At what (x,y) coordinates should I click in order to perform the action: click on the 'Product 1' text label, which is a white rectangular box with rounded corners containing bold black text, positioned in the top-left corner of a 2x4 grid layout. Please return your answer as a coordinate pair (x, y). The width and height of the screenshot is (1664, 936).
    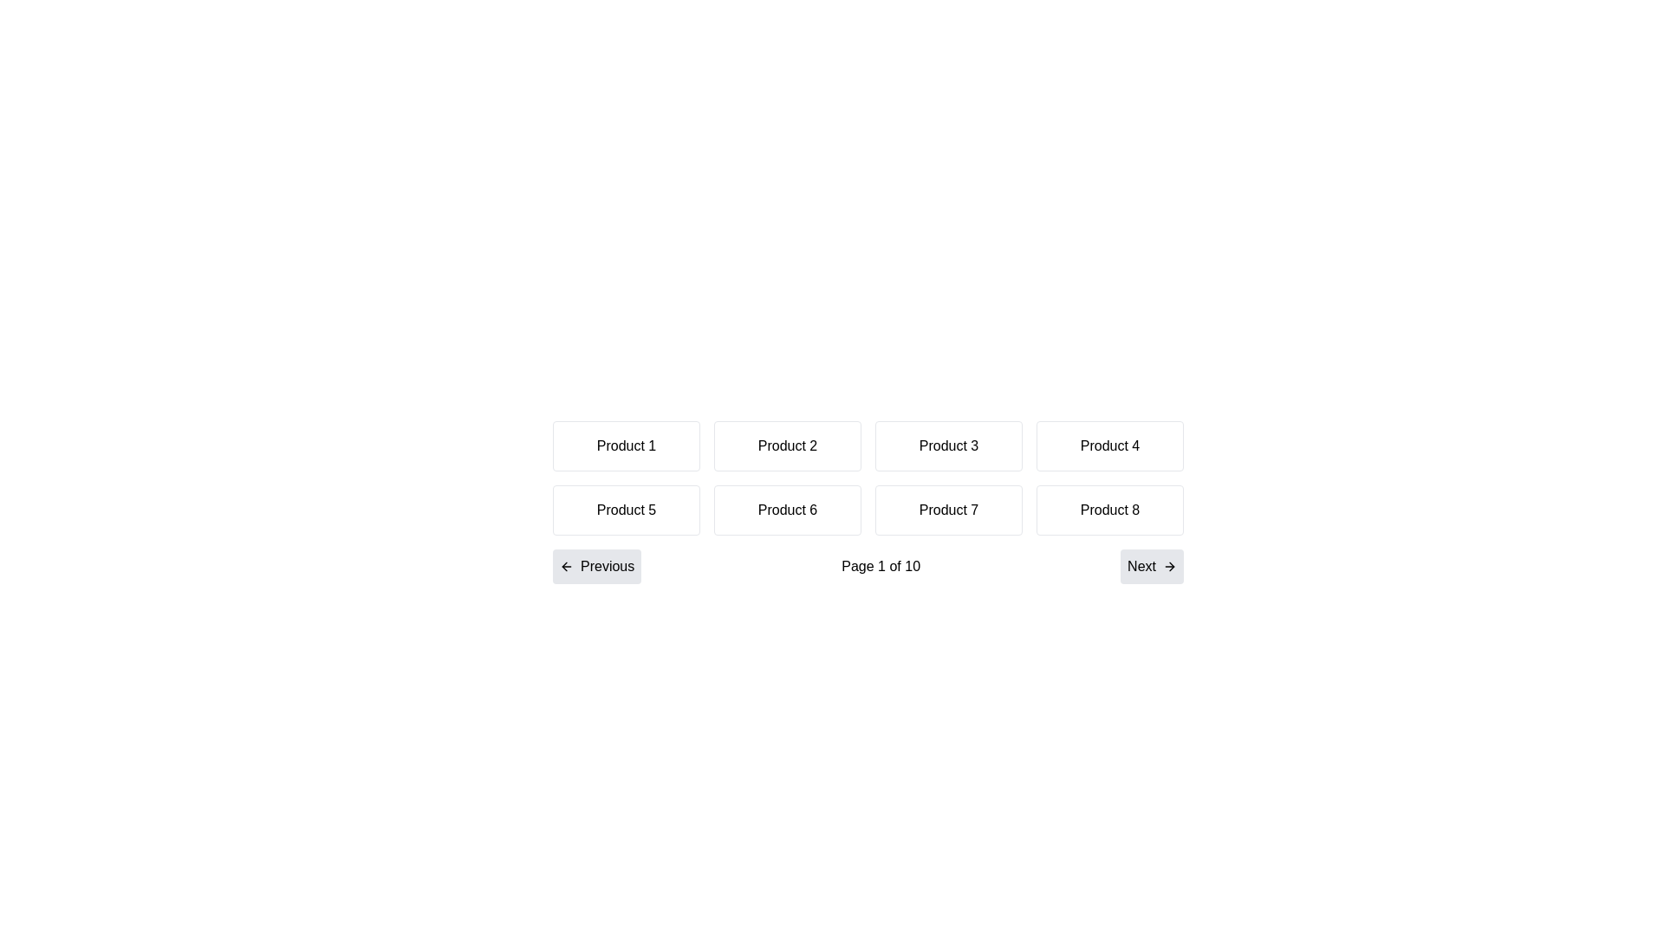
    Looking at the image, I should click on (626, 445).